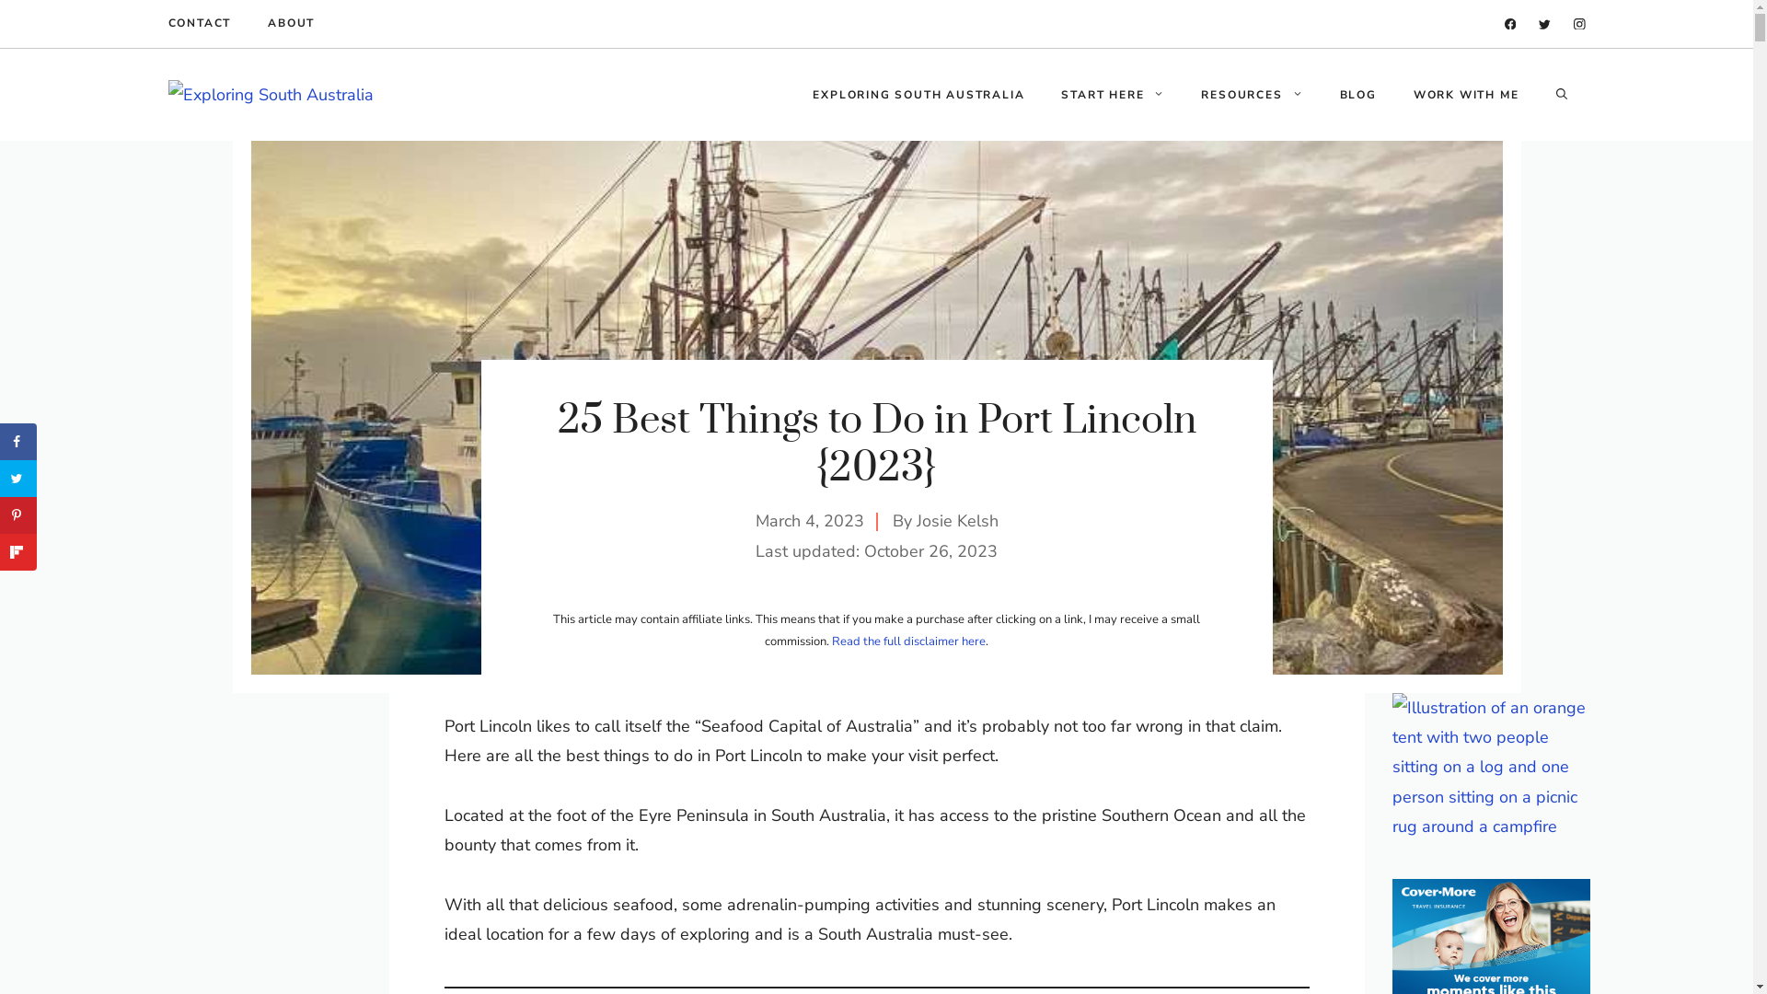 This screenshot has width=1767, height=994. What do you see at coordinates (17, 514) in the screenshot?
I see `'Save to Pinterest'` at bounding box center [17, 514].